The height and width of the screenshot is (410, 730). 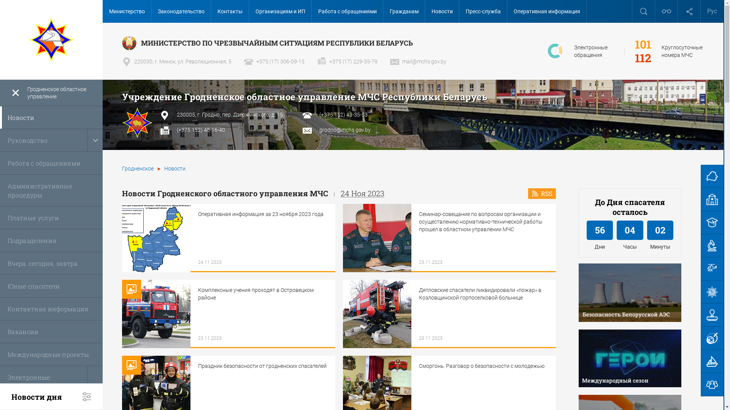 What do you see at coordinates (344, 129) in the screenshot?
I see `'grodno@mchs.gov.by'` at bounding box center [344, 129].